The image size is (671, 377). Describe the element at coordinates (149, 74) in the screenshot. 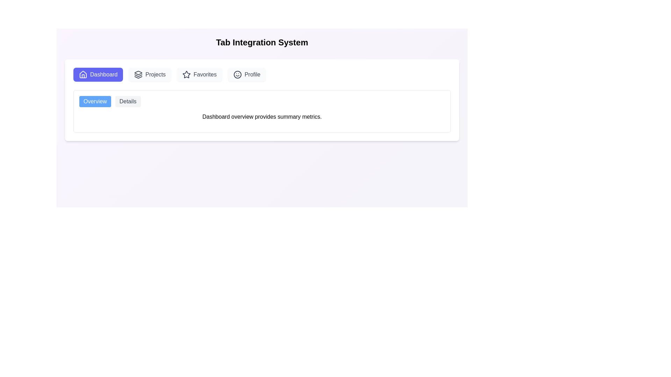

I see `the 'Projects' tab in the horizontal navigation menu` at that location.